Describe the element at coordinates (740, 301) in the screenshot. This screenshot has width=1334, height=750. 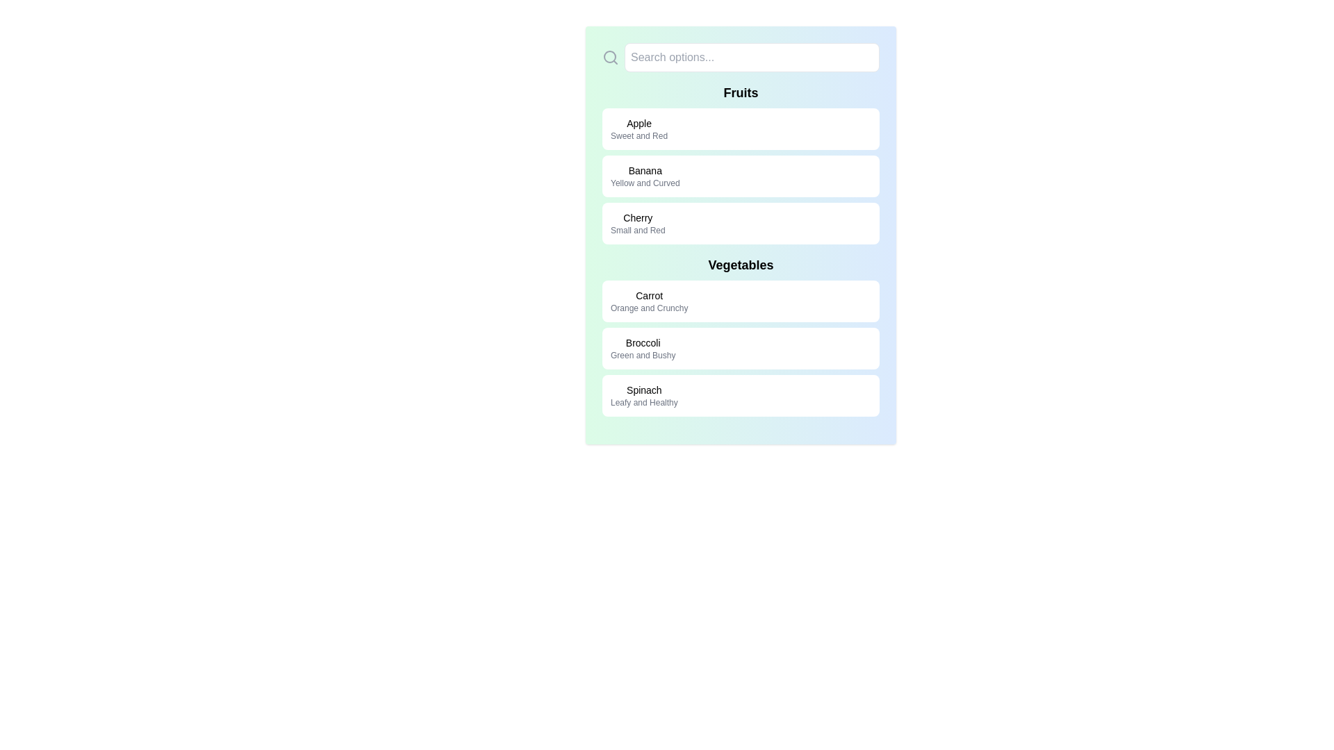
I see `the list item for 'Carrot'` at that location.